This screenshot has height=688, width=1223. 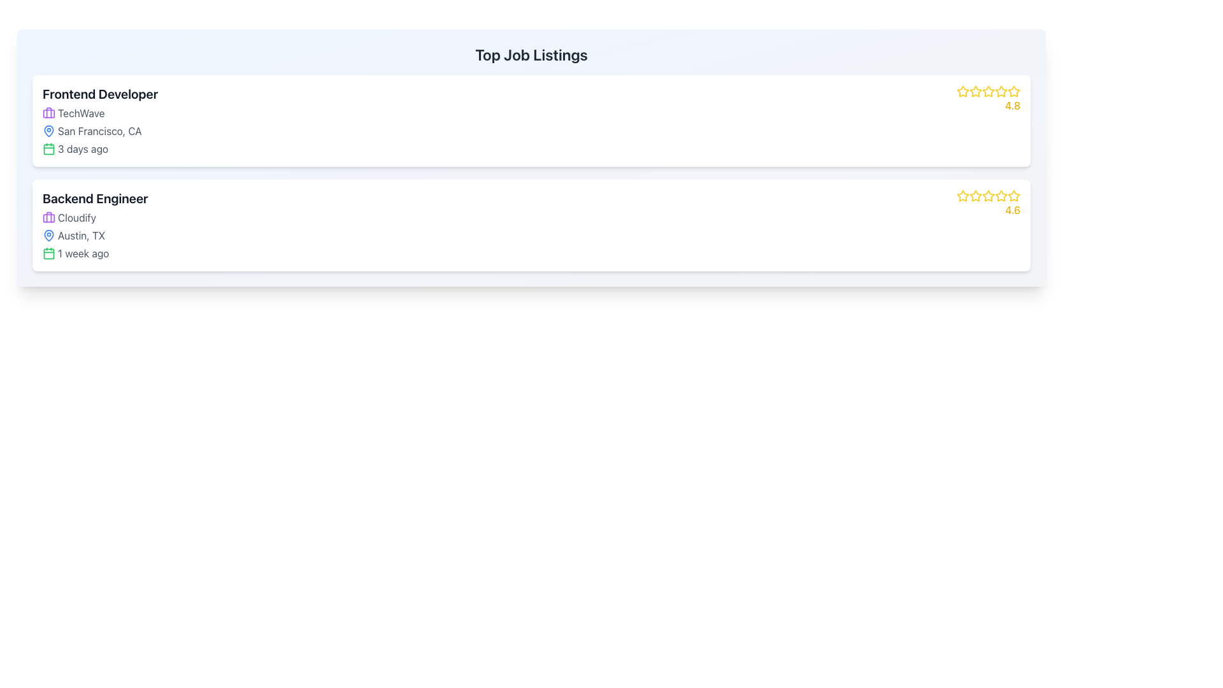 I want to click on the second star in the star rating icon, so click(x=987, y=90).